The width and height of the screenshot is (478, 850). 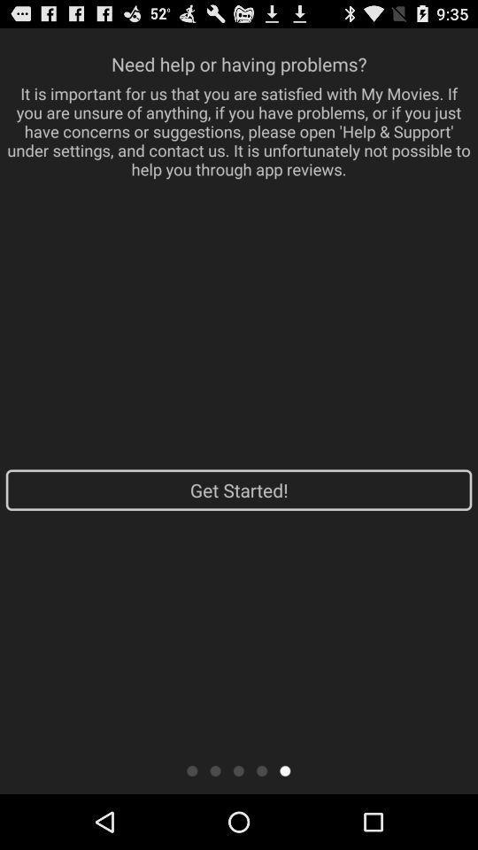 I want to click on the get started! app, so click(x=239, y=490).